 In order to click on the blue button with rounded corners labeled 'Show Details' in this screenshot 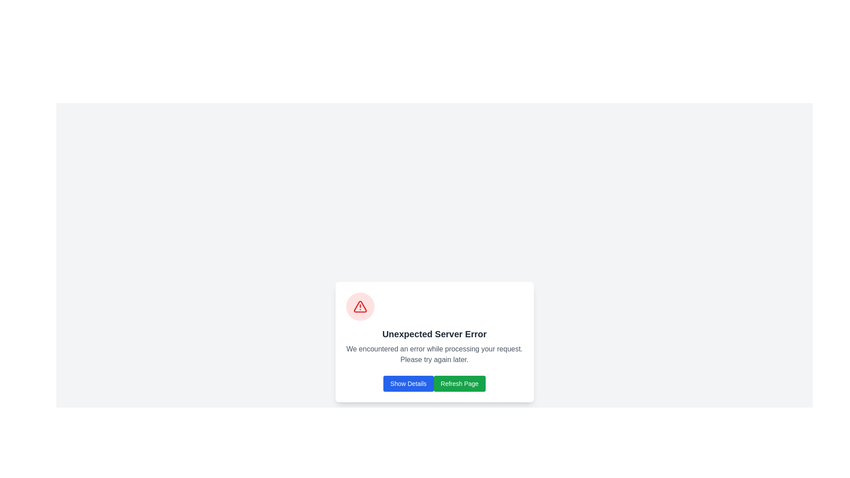, I will do `click(408, 383)`.